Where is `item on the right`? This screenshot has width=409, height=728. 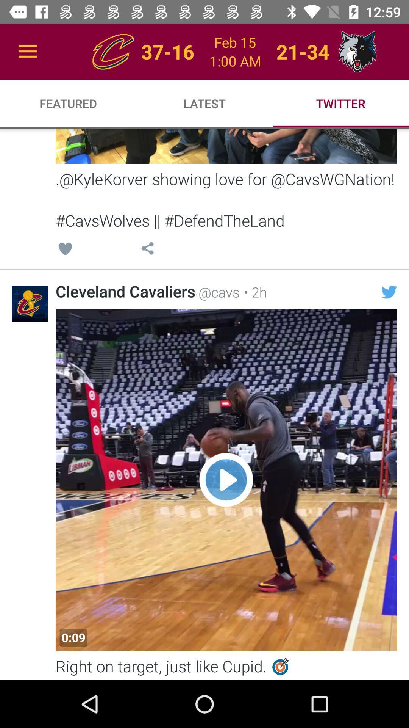 item on the right is located at coordinates (389, 292).